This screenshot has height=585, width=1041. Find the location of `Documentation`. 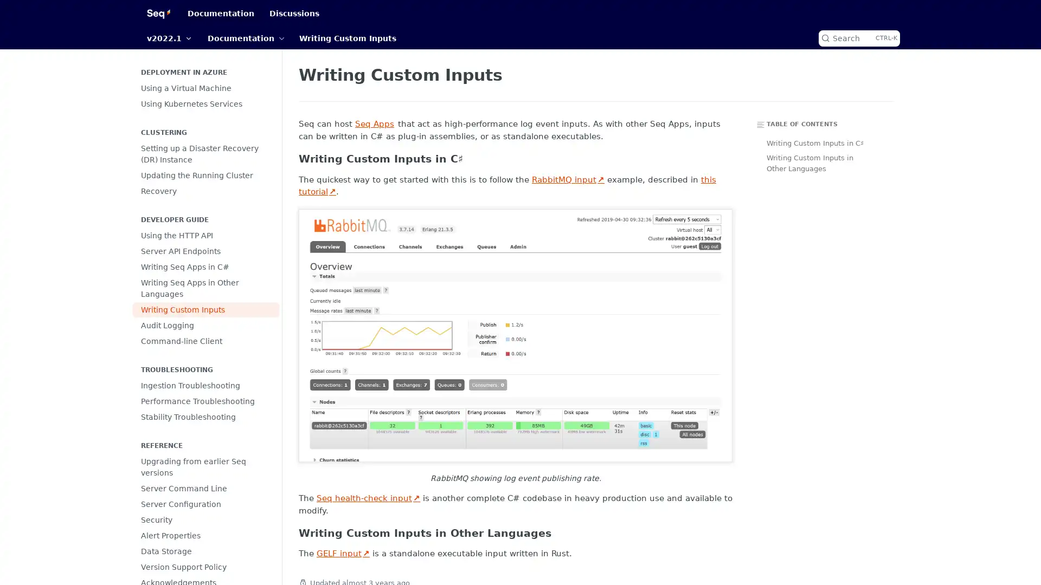

Documentation is located at coordinates (245, 37).